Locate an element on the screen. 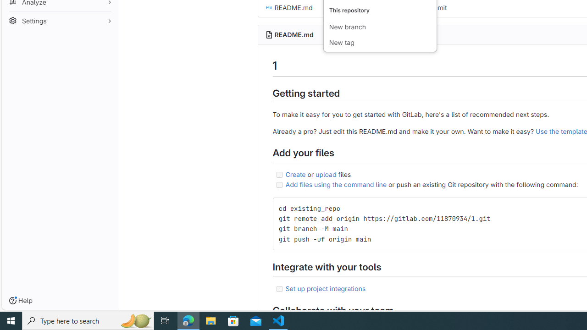 Image resolution: width=587 pixels, height=330 pixels. 'New branch' is located at coordinates (380, 27).